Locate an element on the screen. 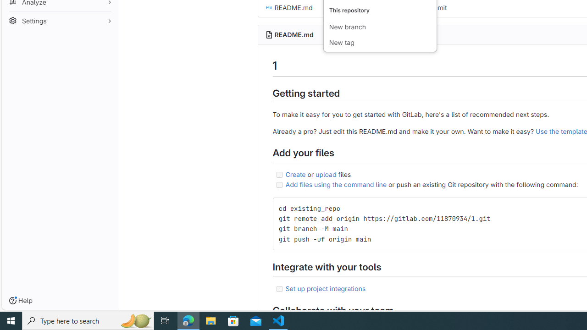 Image resolution: width=587 pixels, height=330 pixels. 'New branch' is located at coordinates (380, 27).